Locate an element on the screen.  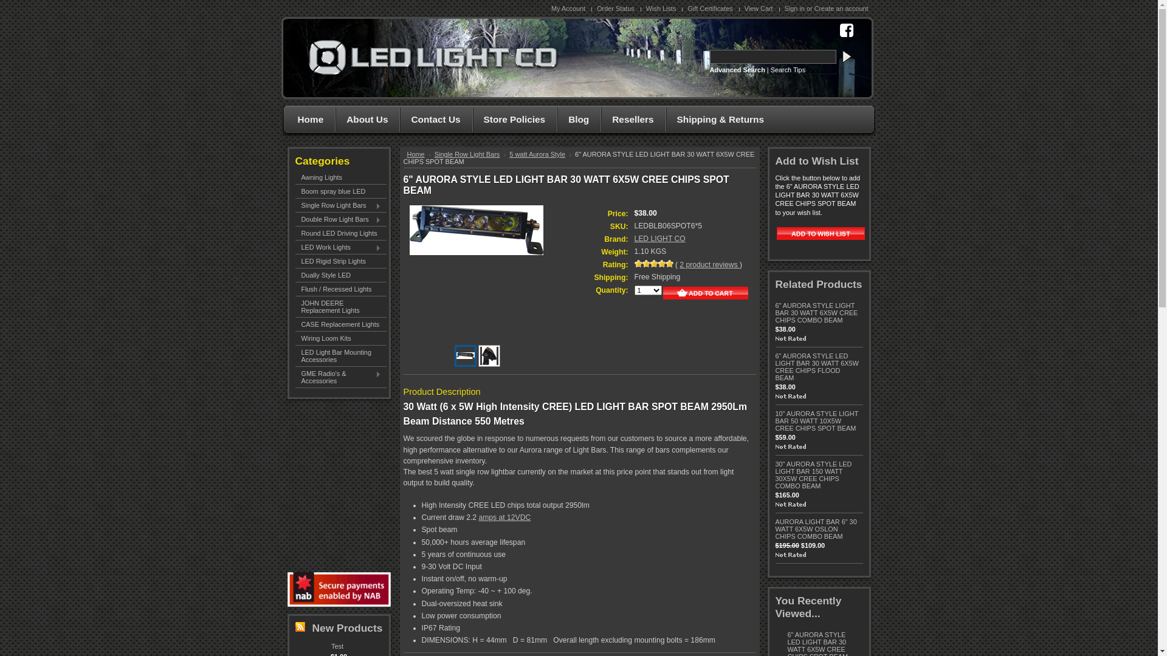
'Secure Payments by NAB' is located at coordinates (338, 589).